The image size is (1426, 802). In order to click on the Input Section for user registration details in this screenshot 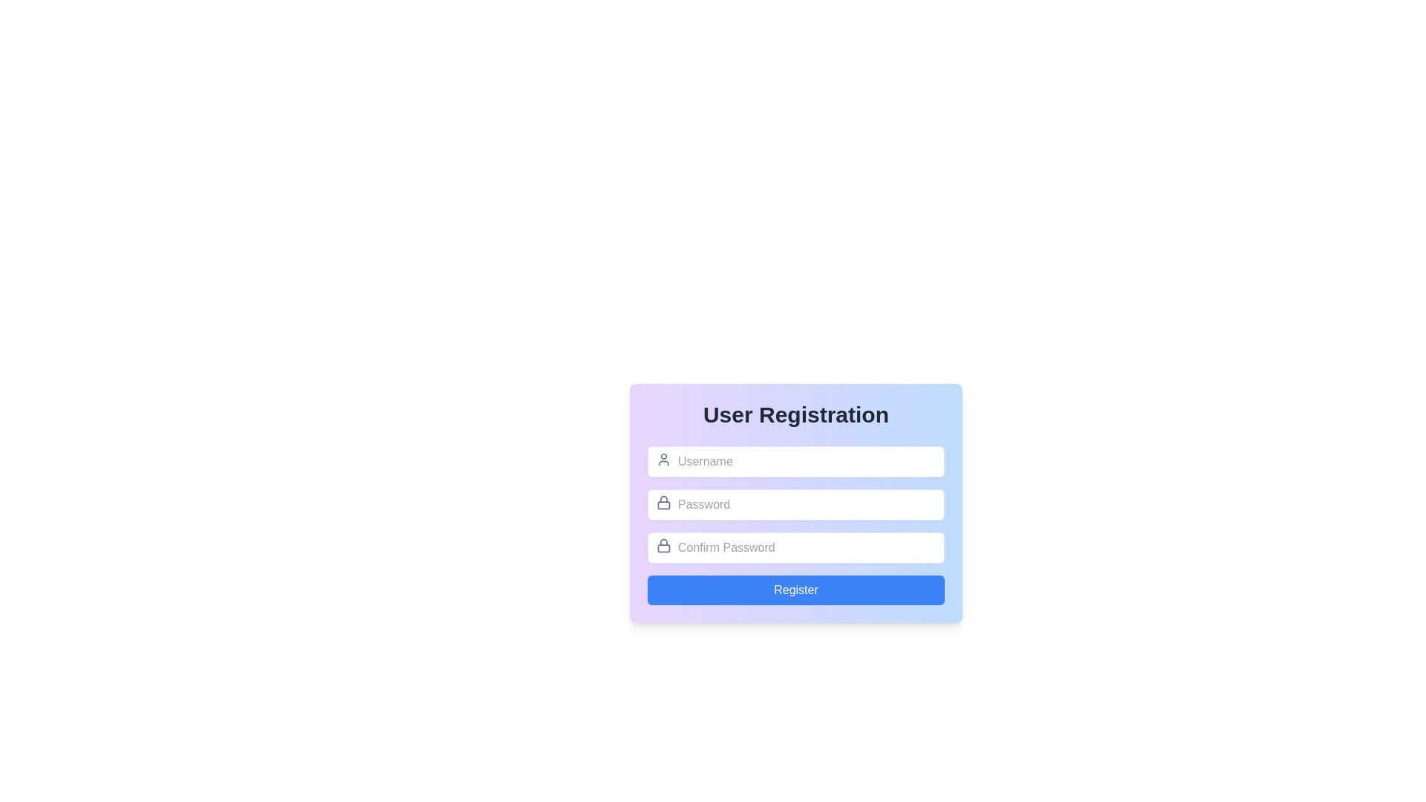, I will do `click(795, 525)`.